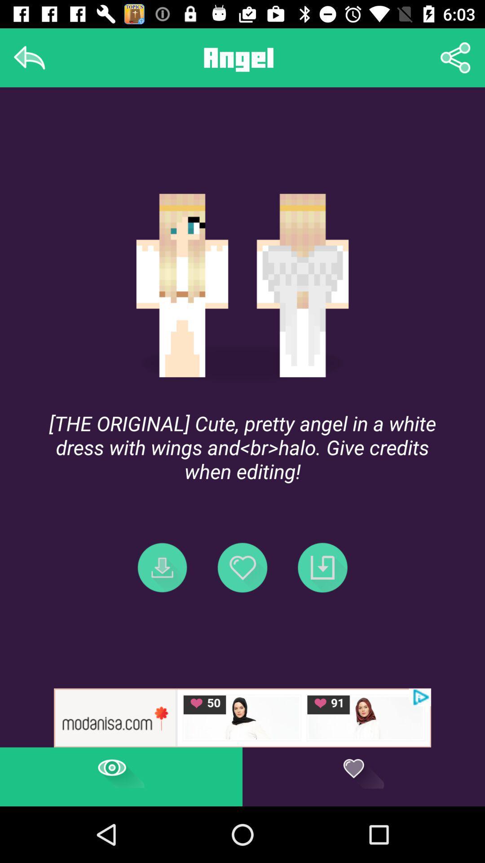 The width and height of the screenshot is (485, 863). I want to click on the favorite icon, so click(242, 567).